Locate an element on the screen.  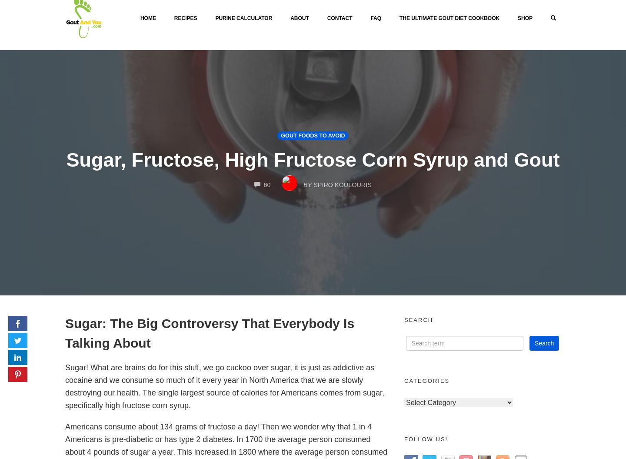
'60' is located at coordinates (266, 184).